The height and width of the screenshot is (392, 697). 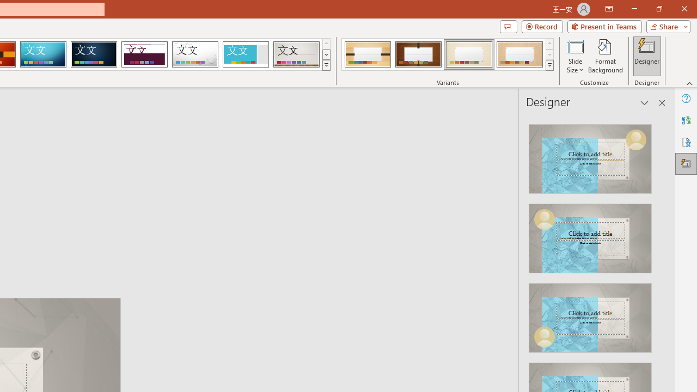 I want to click on 'Droplet', so click(x=195, y=54).